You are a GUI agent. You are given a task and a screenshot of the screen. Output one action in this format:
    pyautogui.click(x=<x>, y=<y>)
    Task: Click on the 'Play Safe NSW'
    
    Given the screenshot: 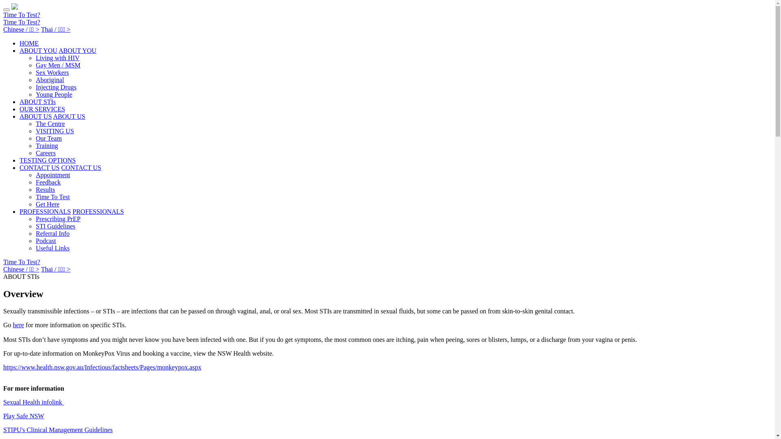 What is the action you would take?
    pyautogui.click(x=23, y=416)
    